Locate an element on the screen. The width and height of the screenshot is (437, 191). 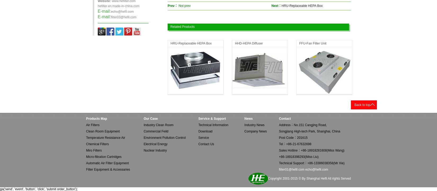
'FFU-Fan Filter Unit' is located at coordinates (313, 43).